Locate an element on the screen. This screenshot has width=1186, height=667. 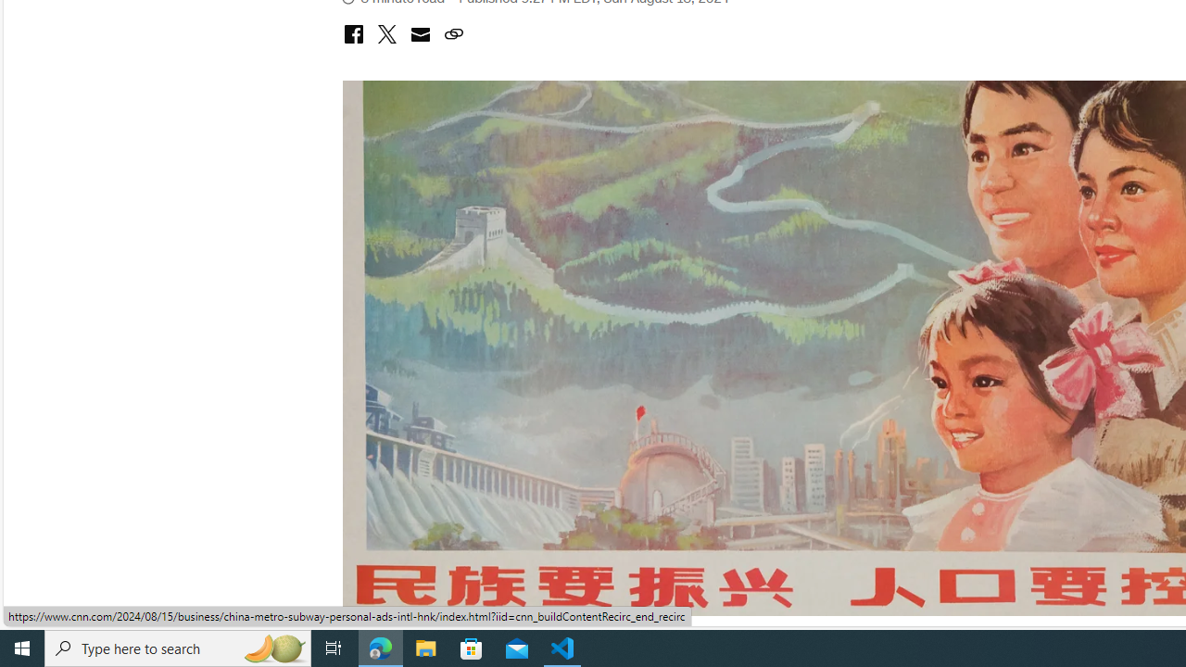
'share with email' is located at coordinates (419, 36).